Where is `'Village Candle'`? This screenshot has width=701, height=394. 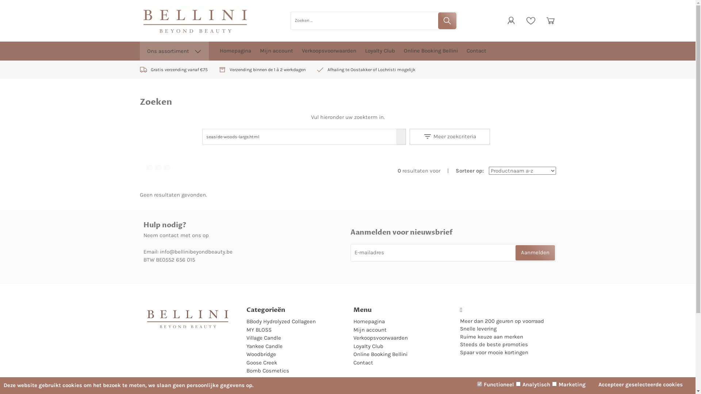
'Village Candle' is located at coordinates (246, 337).